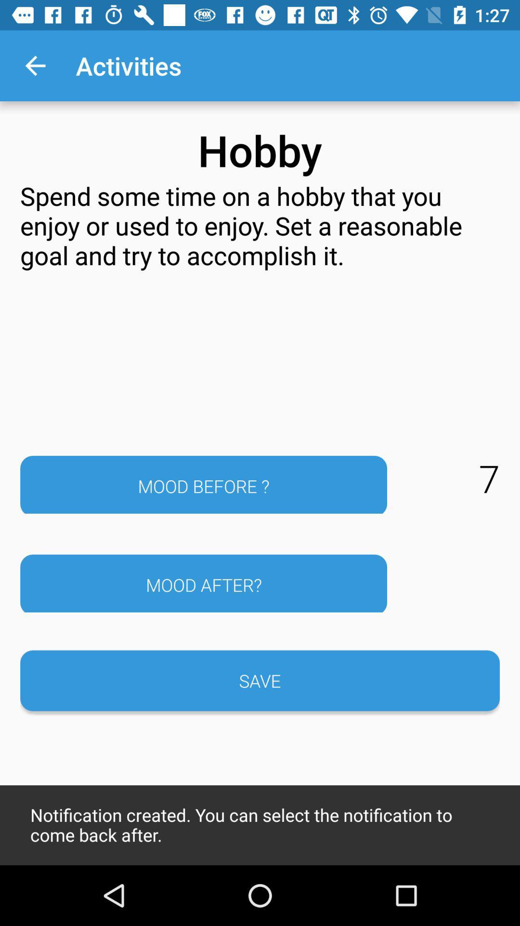  I want to click on item above spend some time app, so click(35, 65).